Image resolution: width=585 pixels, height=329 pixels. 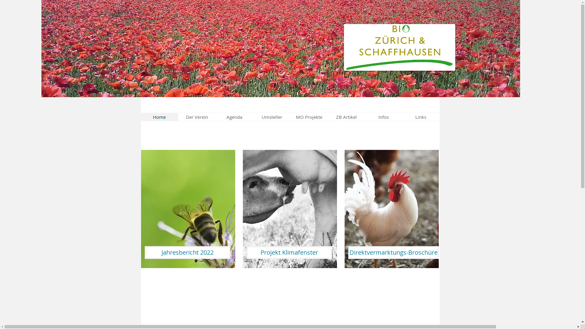 I want to click on 'Links', so click(x=420, y=117).